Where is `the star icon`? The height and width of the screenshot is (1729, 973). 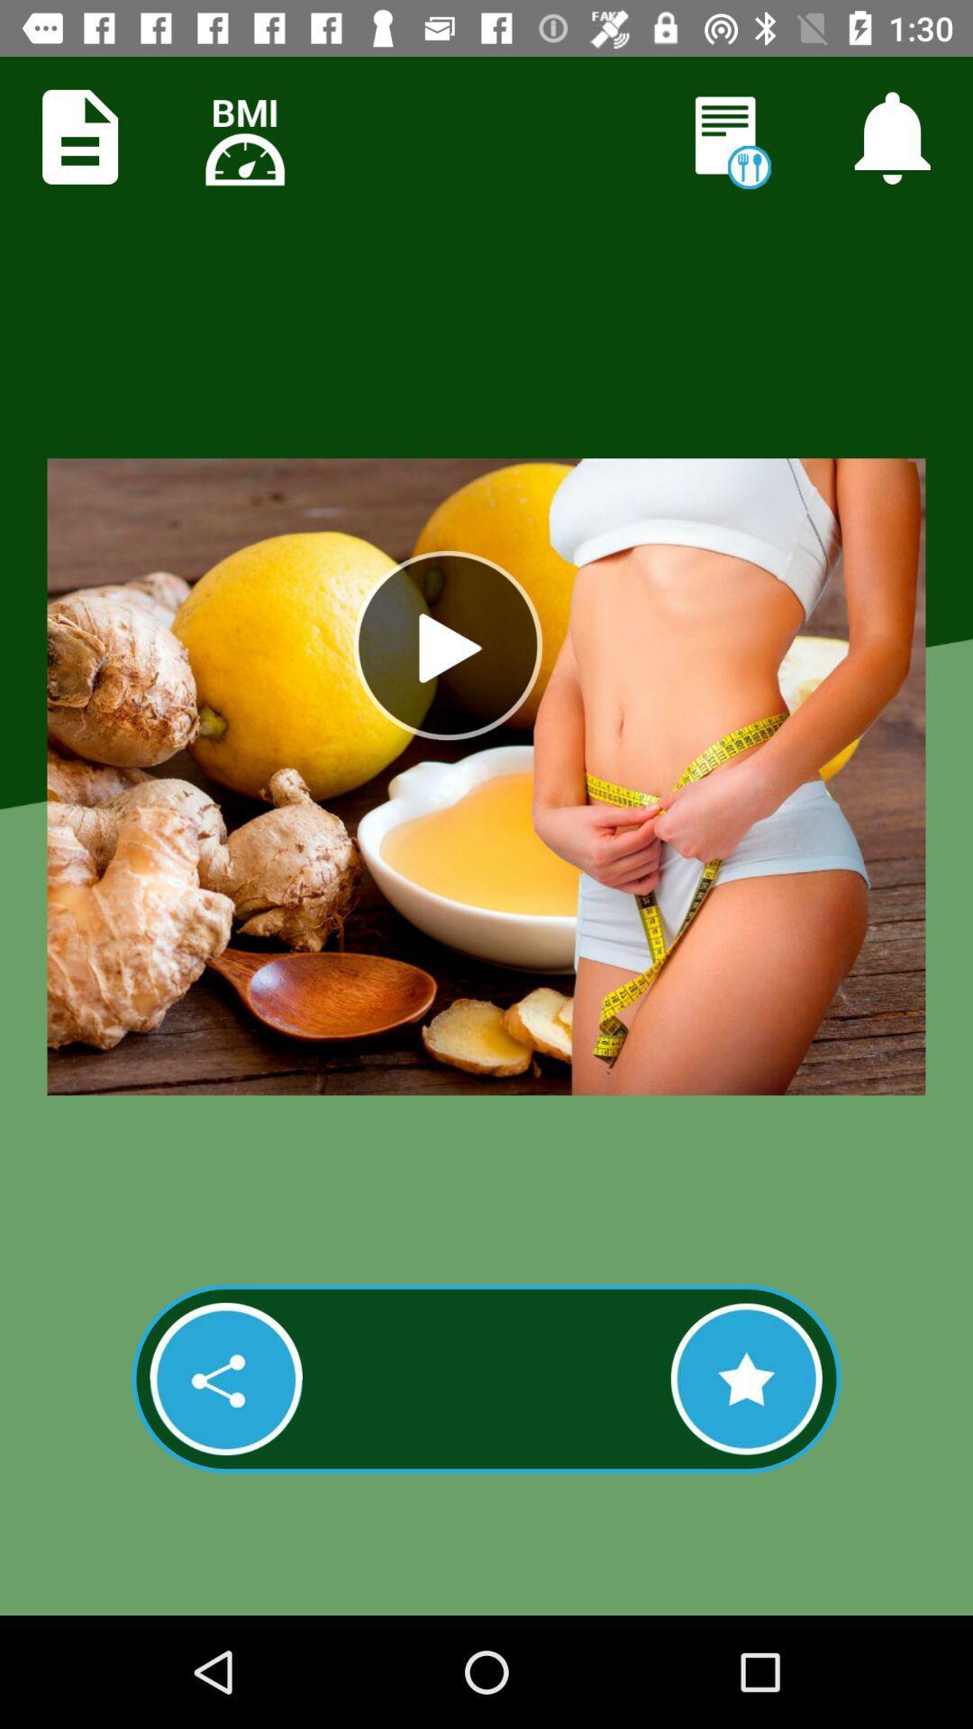
the star icon is located at coordinates (746, 1378).